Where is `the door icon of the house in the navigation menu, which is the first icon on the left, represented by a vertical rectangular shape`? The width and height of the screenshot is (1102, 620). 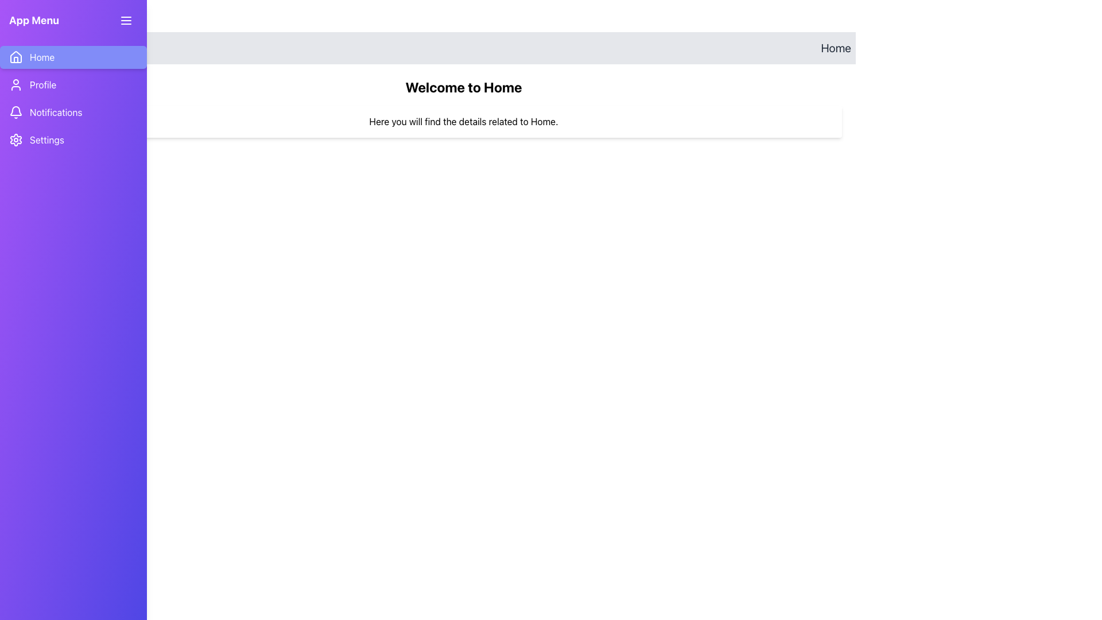 the door icon of the house in the navigation menu, which is the first icon on the left, represented by a vertical rectangular shape is located at coordinates (16, 60).